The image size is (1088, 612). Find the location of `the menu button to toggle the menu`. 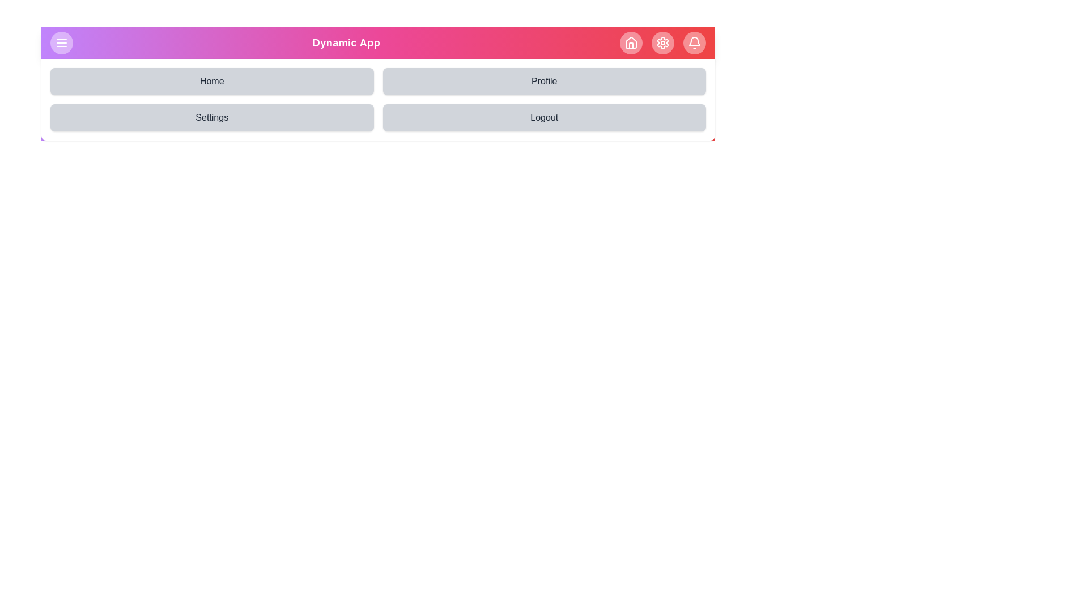

the menu button to toggle the menu is located at coordinates (61, 42).